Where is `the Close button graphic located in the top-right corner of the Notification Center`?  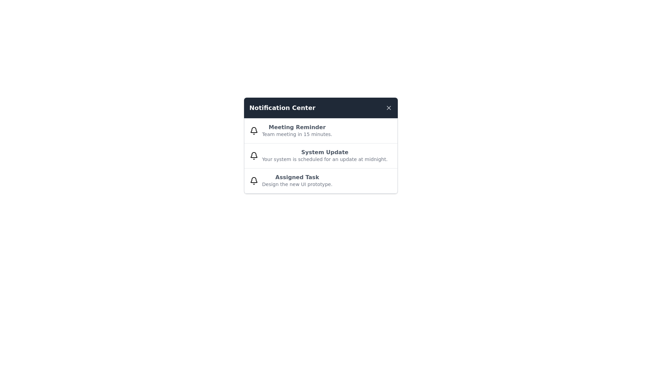 the Close button graphic located in the top-right corner of the Notification Center is located at coordinates (389, 108).